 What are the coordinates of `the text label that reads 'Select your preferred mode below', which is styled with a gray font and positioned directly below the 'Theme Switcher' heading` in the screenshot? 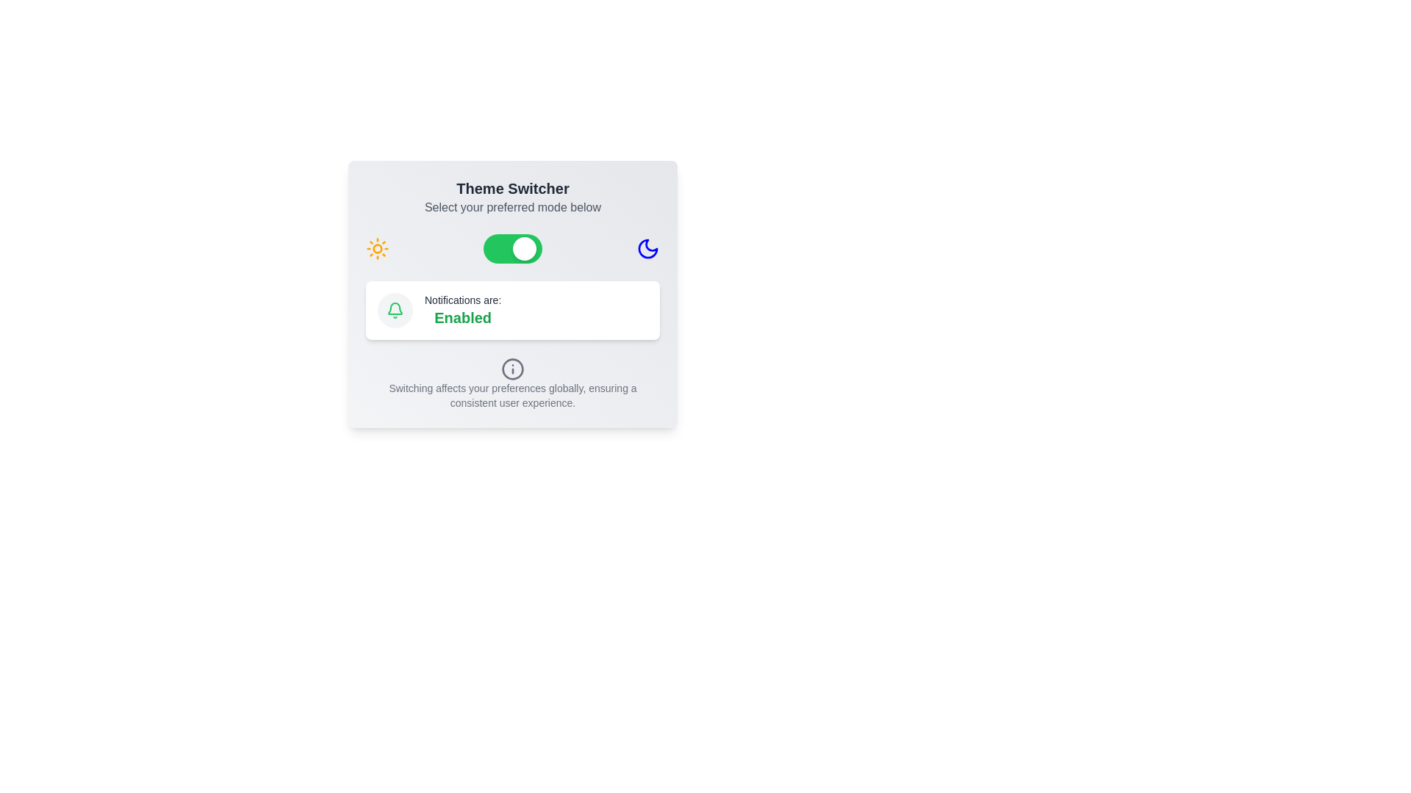 It's located at (512, 207).